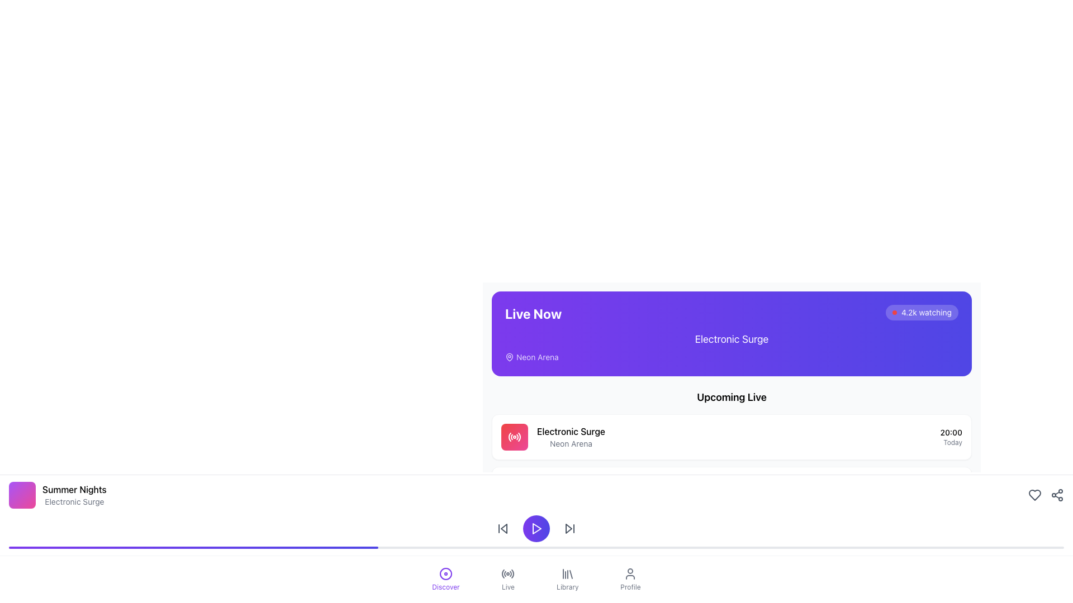 This screenshot has width=1073, height=603. Describe the element at coordinates (630, 587) in the screenshot. I see `the 'Profile' static text label located at the bottom-right corner of the interface, which serves as an identifier for the navigation section` at that location.